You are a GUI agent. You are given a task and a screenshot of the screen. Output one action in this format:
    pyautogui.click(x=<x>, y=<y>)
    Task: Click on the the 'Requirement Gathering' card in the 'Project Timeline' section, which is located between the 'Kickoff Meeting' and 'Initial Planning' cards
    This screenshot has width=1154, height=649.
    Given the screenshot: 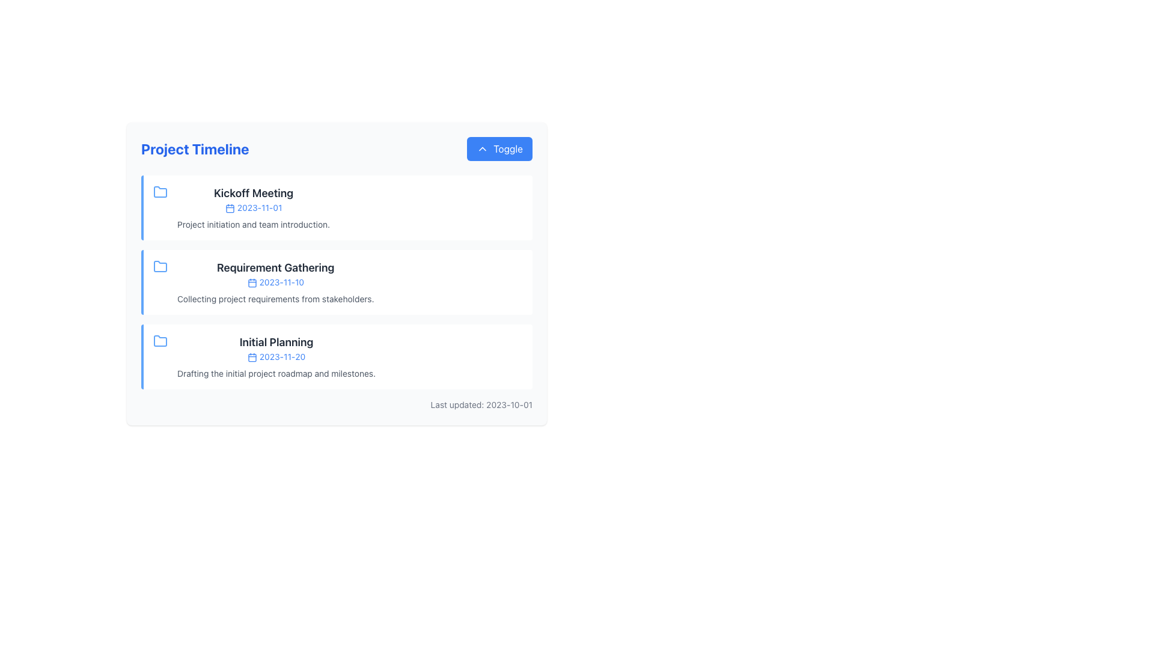 What is the action you would take?
    pyautogui.click(x=337, y=273)
    